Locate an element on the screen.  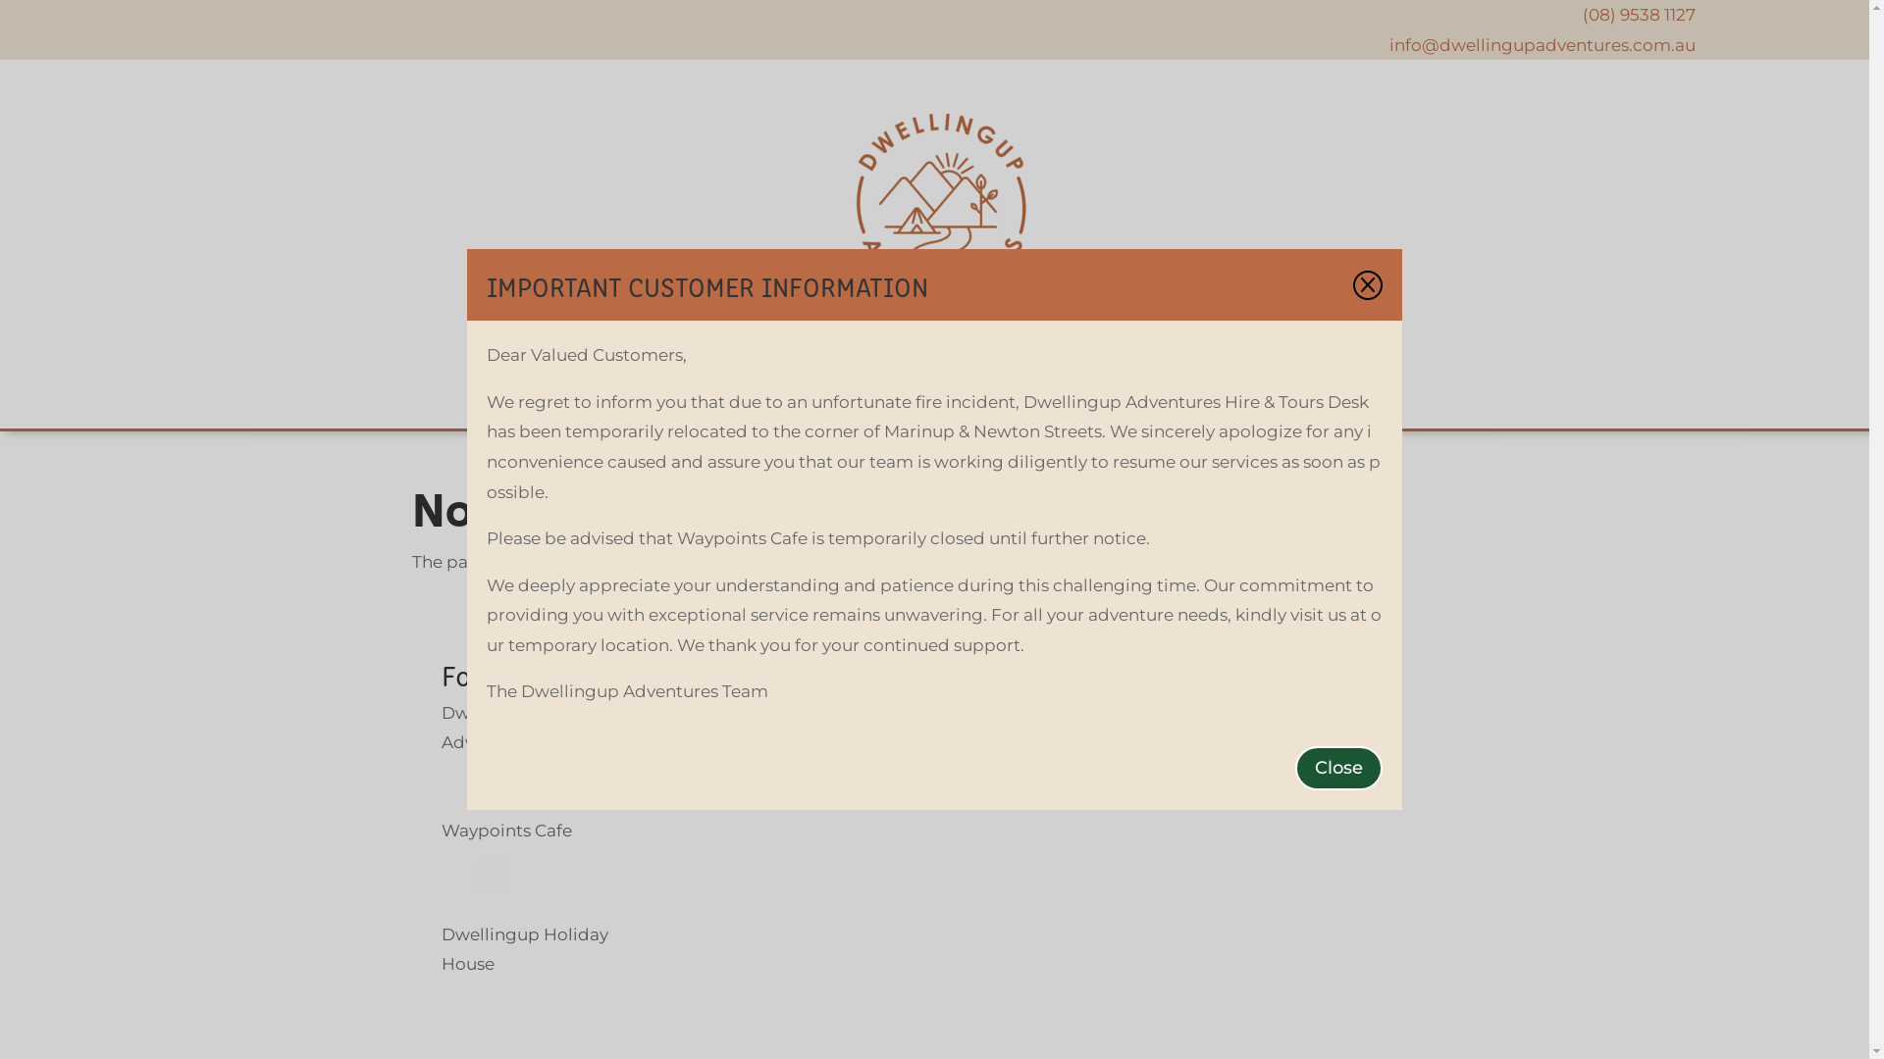
'Follow Dwellingup Adventures on Facebook' is located at coordinates (455, 782).